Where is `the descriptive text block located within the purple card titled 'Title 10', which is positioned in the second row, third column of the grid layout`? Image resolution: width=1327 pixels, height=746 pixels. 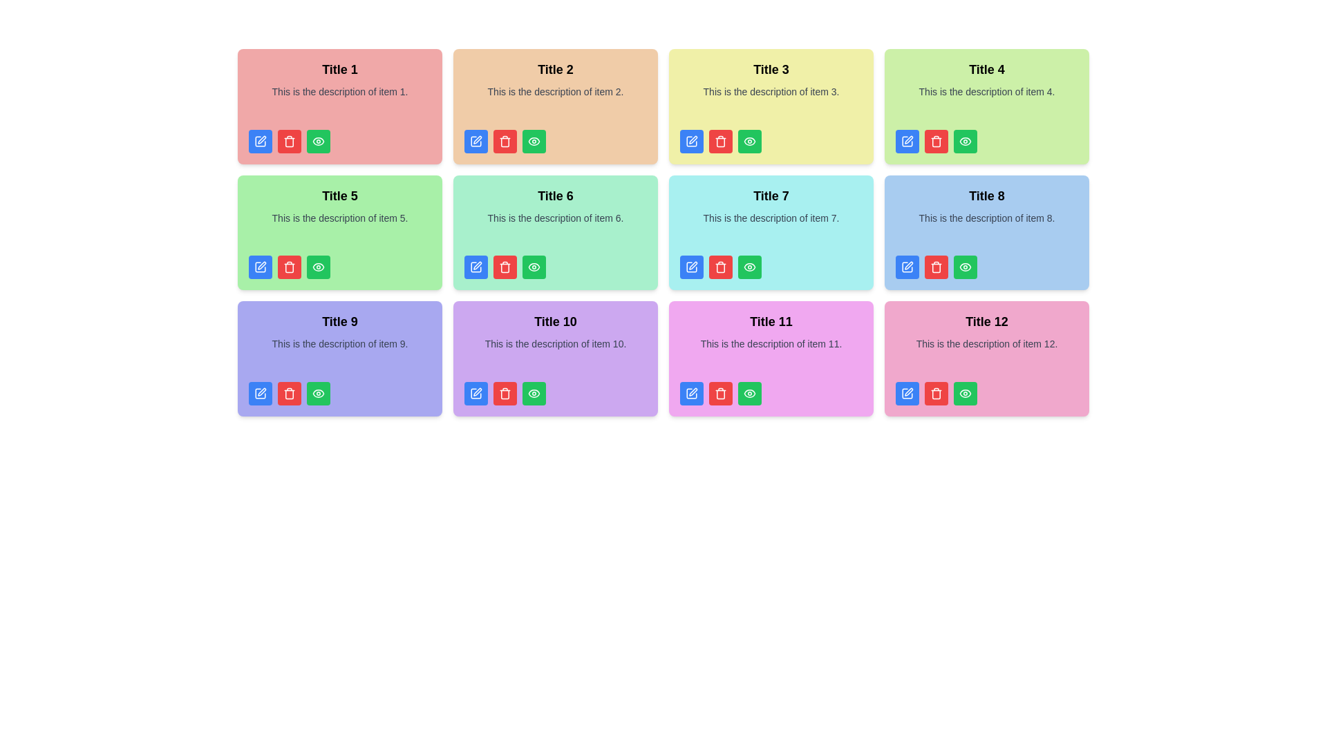 the descriptive text block located within the purple card titled 'Title 10', which is positioned in the second row, third column of the grid layout is located at coordinates (556, 354).